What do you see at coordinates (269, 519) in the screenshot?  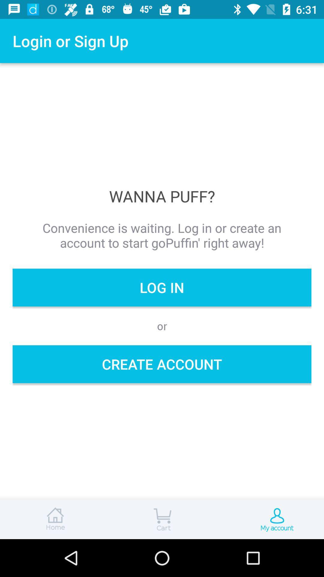 I see `the microphone icon` at bounding box center [269, 519].